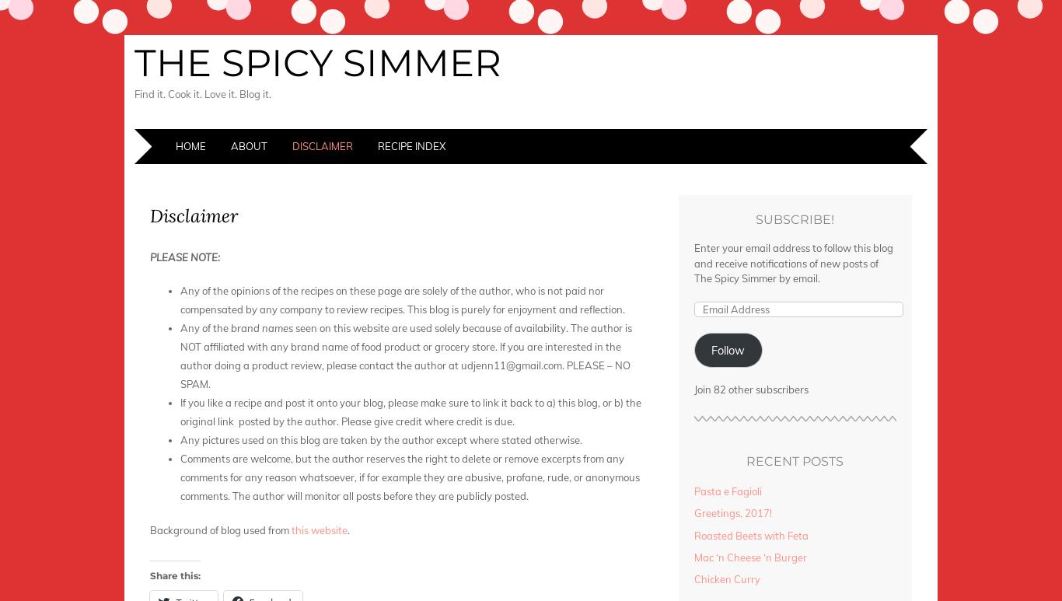  I want to click on 'this website', so click(317, 529).